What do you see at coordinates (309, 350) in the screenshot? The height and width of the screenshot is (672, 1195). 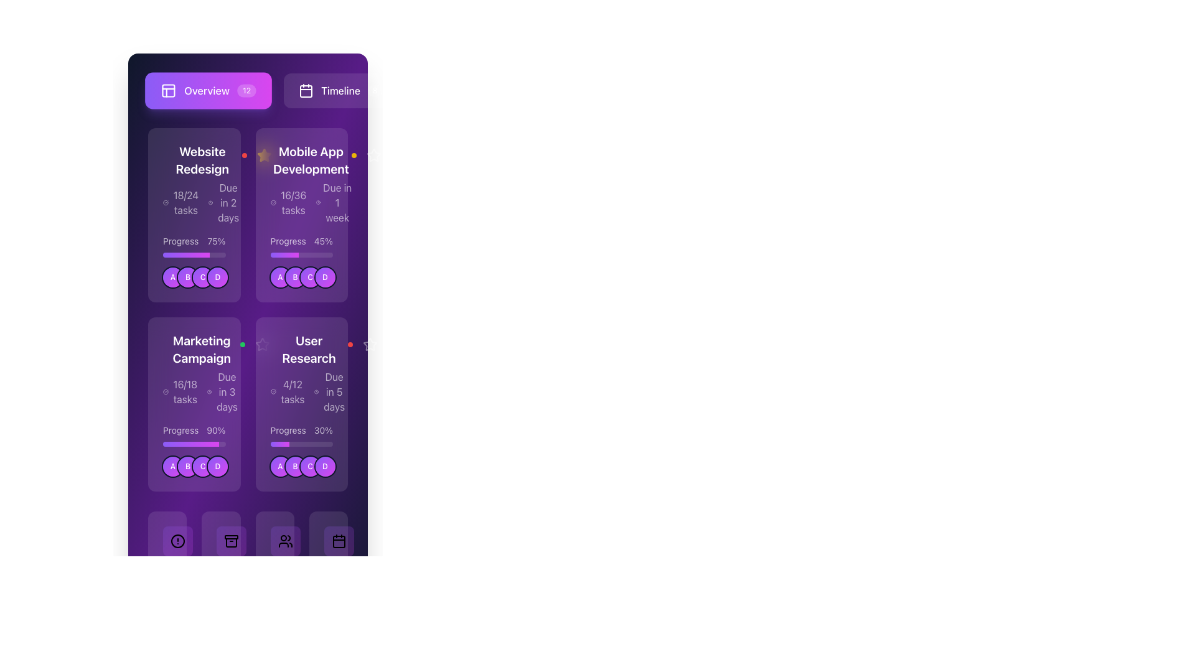 I see `the text-based heading element displaying 'User' and 'Research'` at bounding box center [309, 350].